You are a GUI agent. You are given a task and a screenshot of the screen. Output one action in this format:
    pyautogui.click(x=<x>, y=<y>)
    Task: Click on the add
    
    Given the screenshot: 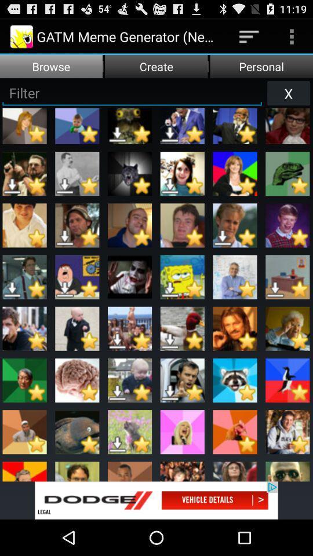 What is the action you would take?
    pyautogui.click(x=156, y=500)
    